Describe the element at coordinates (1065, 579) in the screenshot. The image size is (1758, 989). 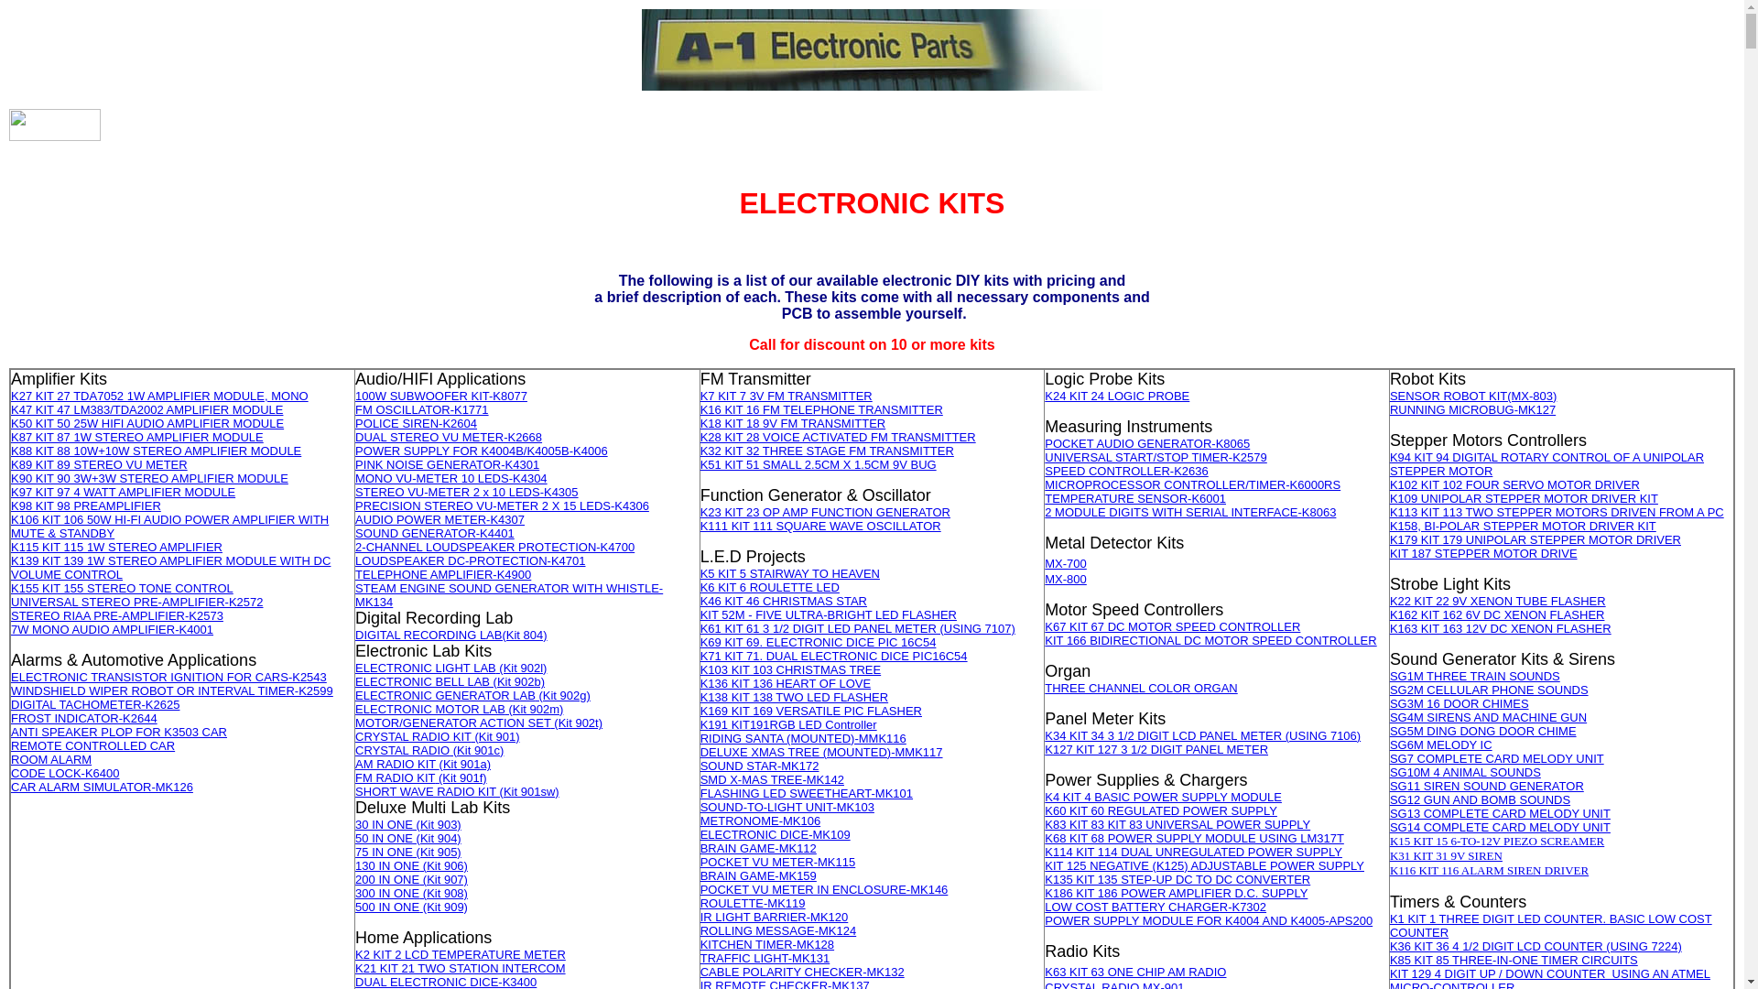
I see `'MX-800'` at that location.